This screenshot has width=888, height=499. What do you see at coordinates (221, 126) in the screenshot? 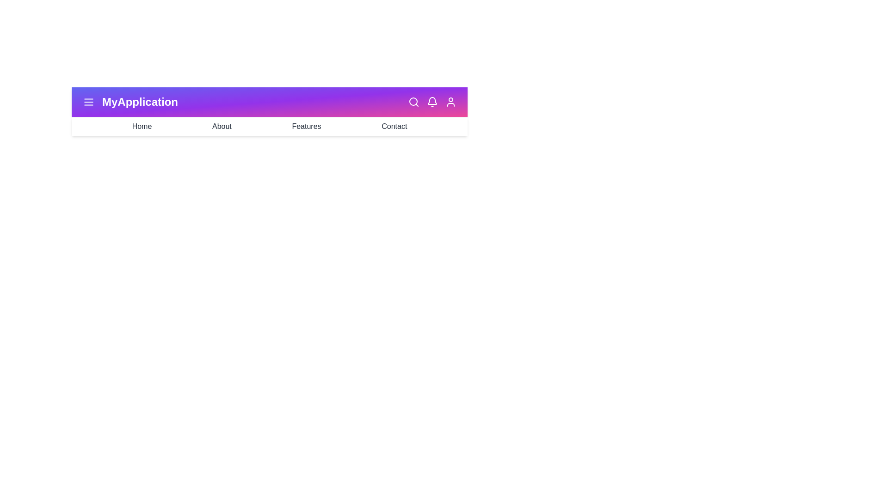
I see `the menu item About from the dropdown menu` at bounding box center [221, 126].